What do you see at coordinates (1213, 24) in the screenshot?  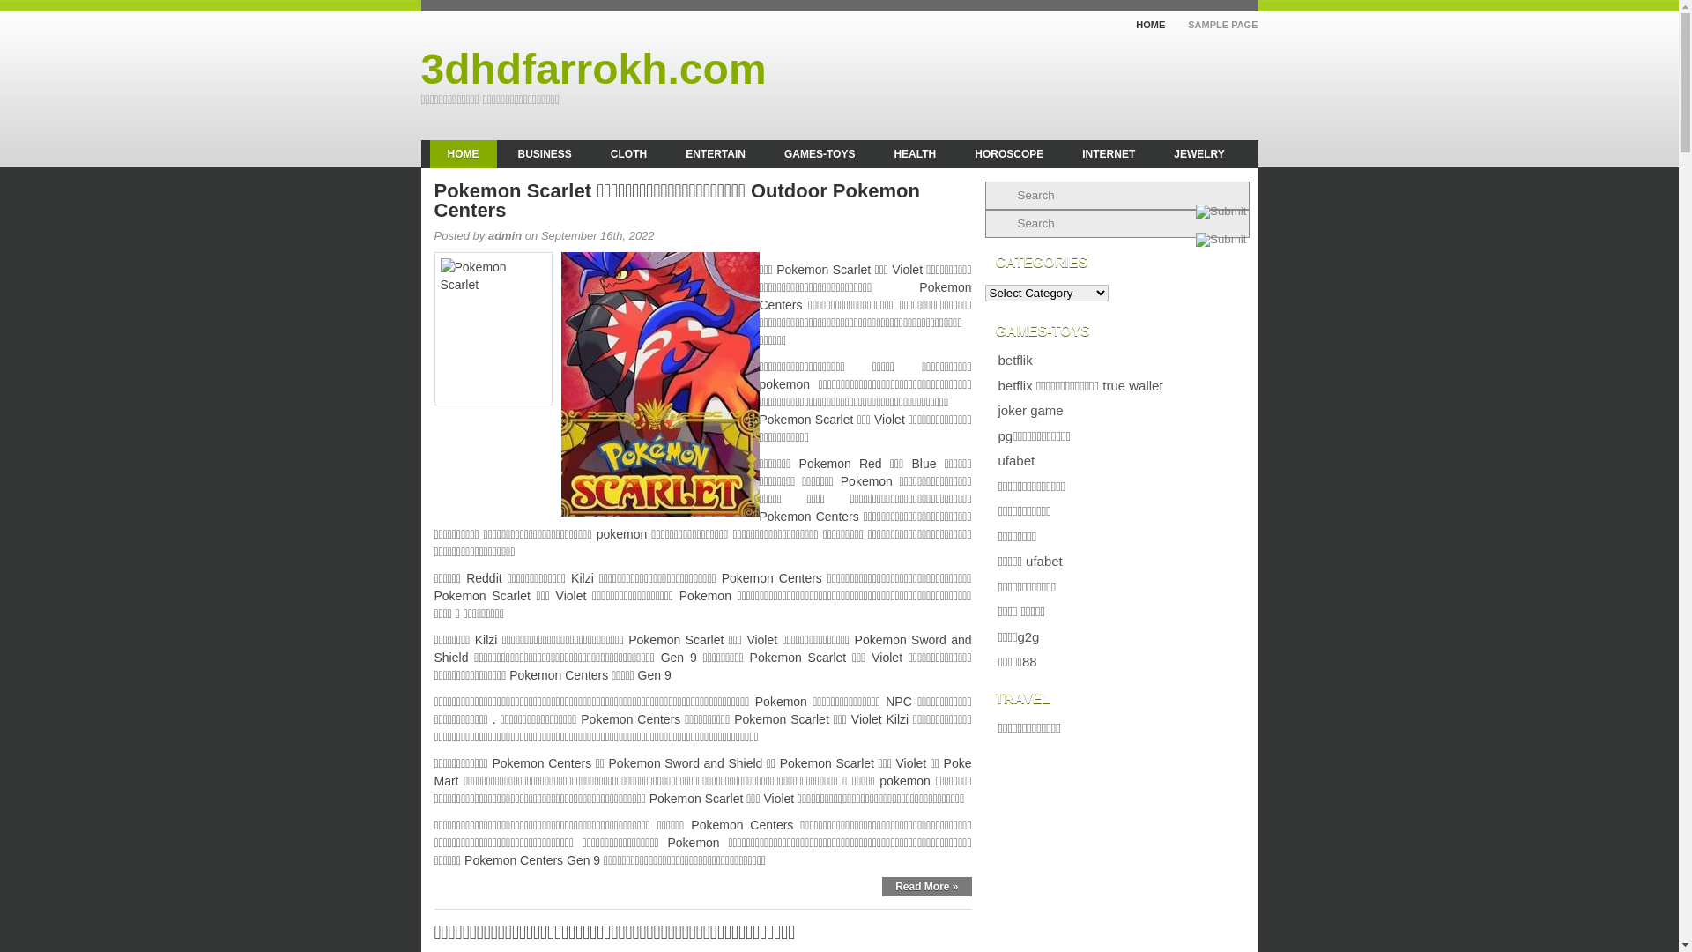 I see `'SAMPLE PAGE'` at bounding box center [1213, 24].